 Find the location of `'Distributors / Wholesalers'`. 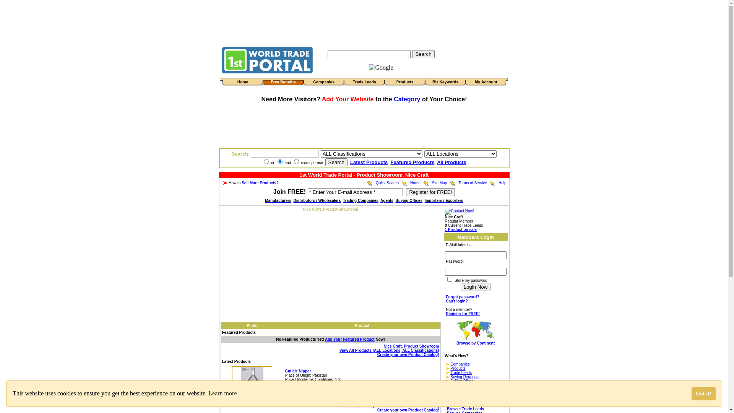

'Distributors / Wholesalers' is located at coordinates (317, 200).